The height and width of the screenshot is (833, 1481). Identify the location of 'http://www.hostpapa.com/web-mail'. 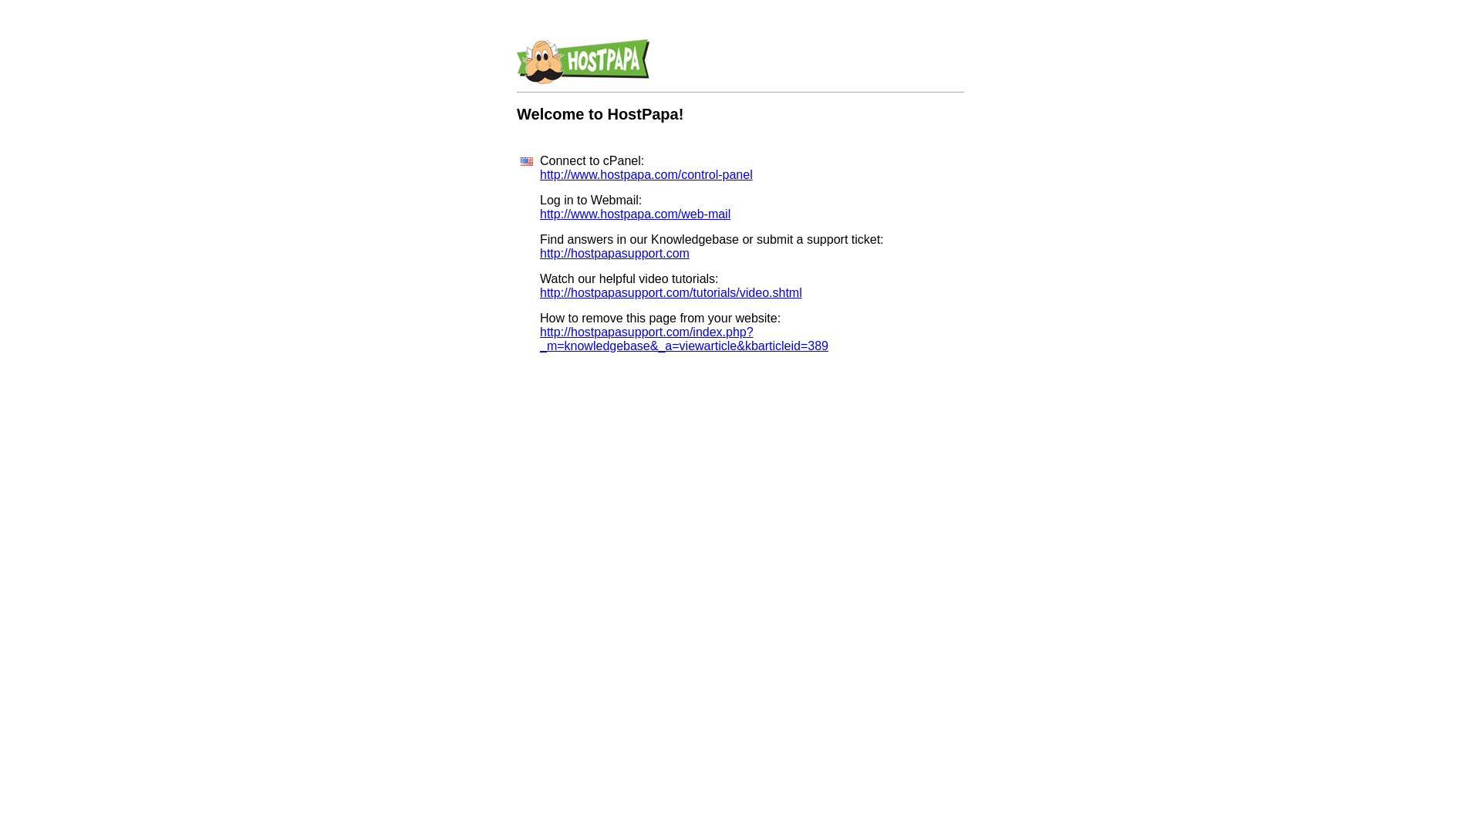
(635, 214).